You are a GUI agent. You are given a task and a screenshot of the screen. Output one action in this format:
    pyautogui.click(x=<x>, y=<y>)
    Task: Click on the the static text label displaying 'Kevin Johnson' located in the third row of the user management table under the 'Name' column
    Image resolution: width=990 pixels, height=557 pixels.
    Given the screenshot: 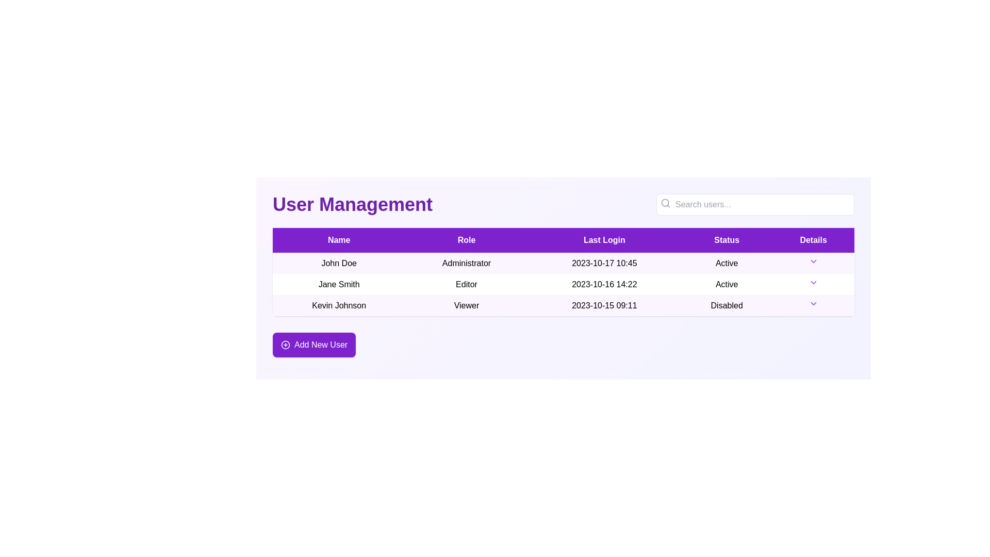 What is the action you would take?
    pyautogui.click(x=339, y=305)
    